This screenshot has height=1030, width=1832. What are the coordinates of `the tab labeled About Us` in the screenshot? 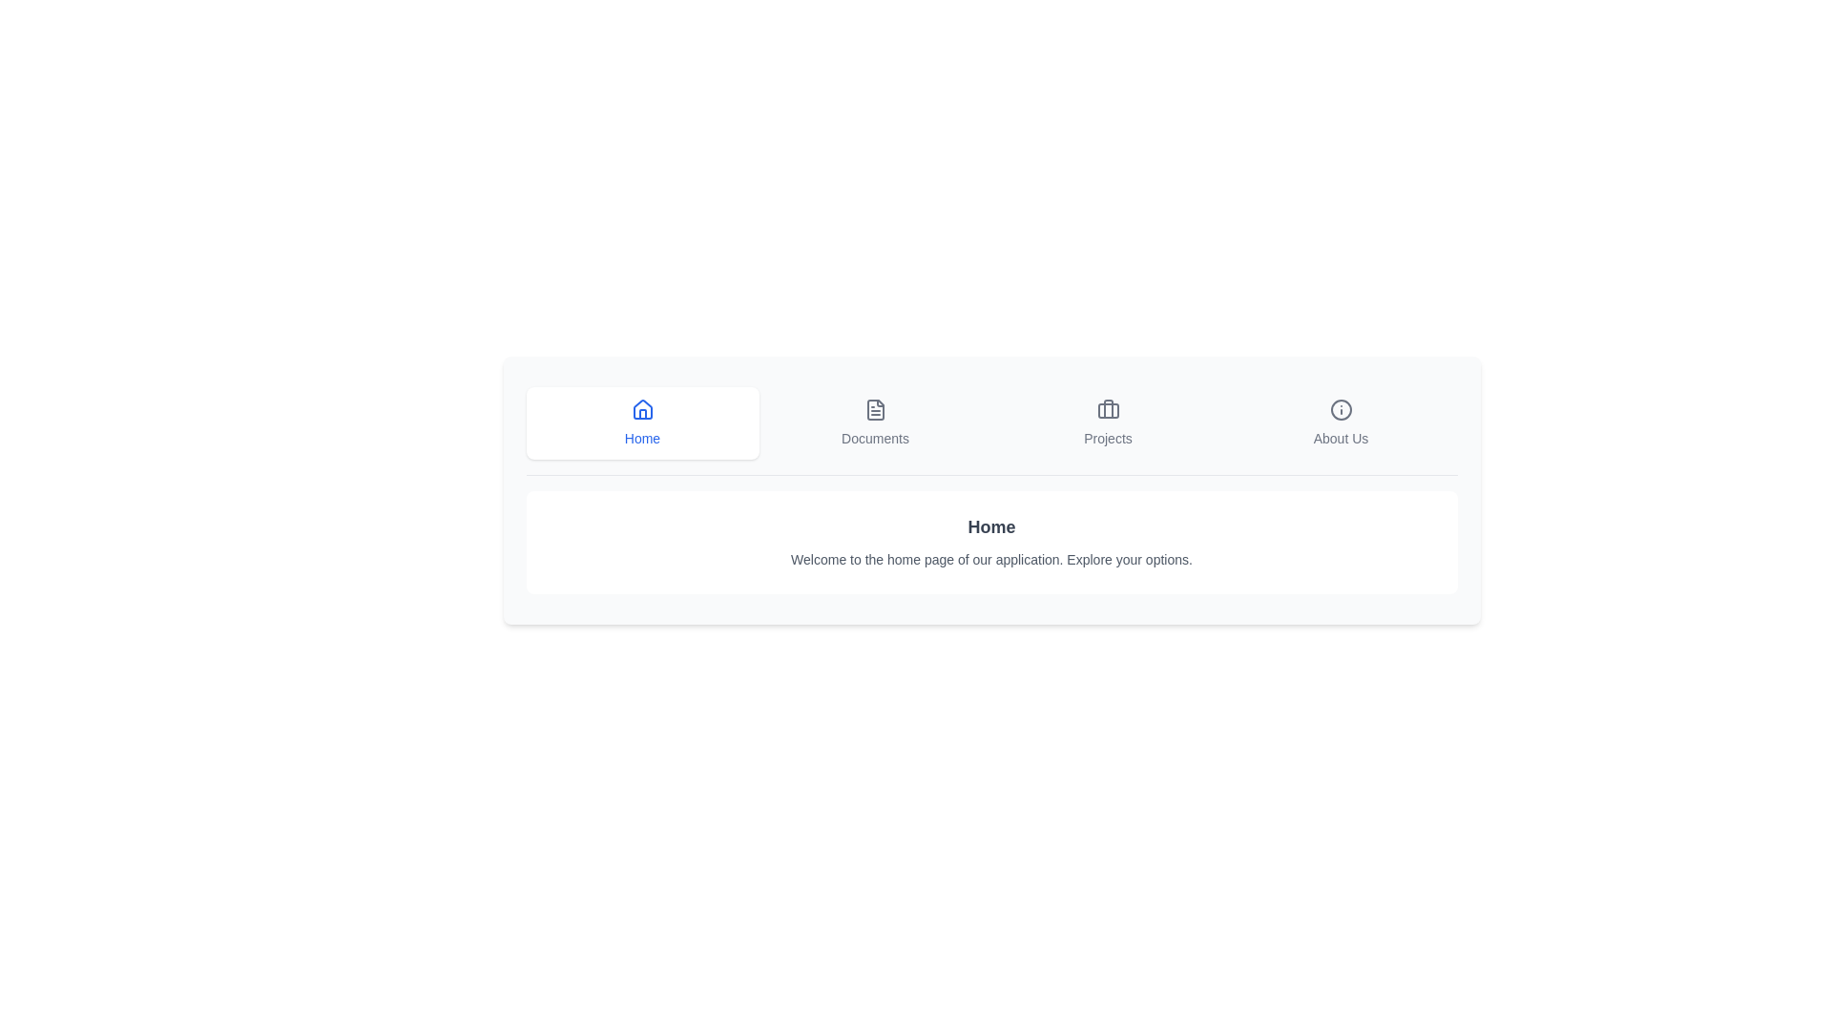 It's located at (1340, 422).